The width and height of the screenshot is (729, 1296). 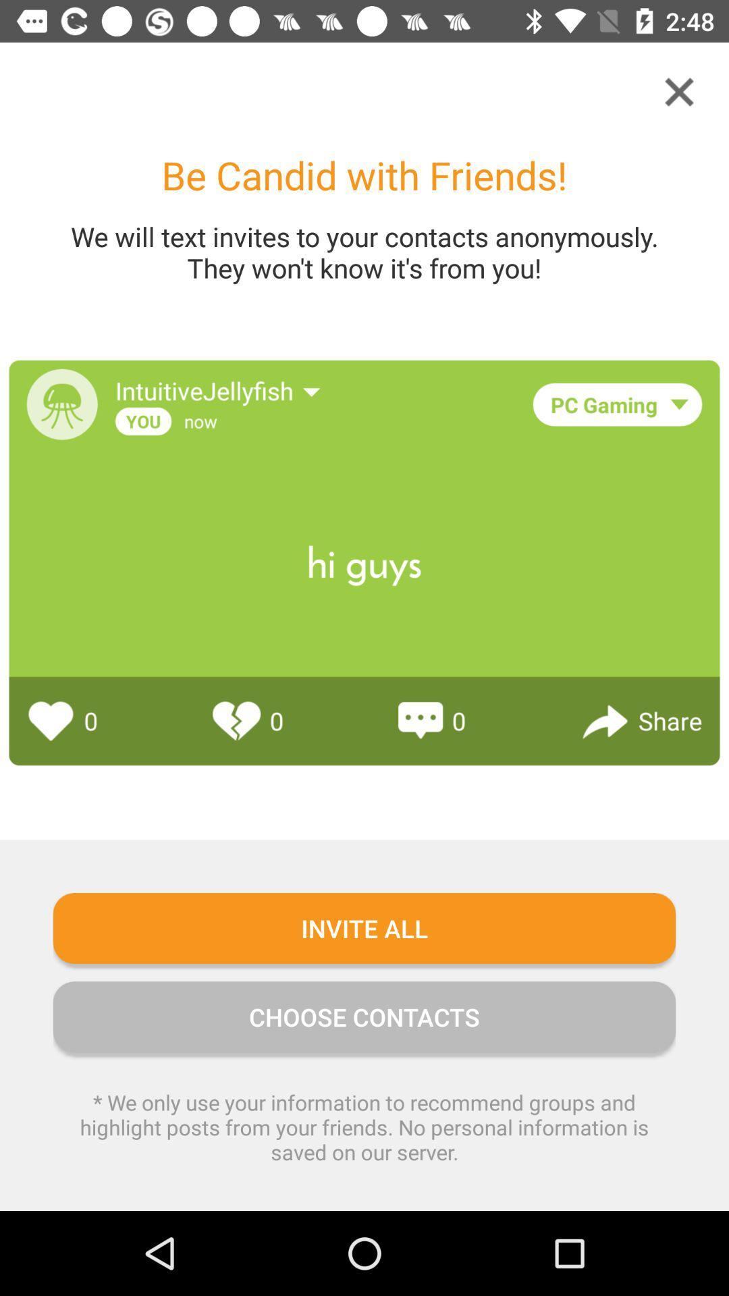 What do you see at coordinates (679, 91) in the screenshot?
I see `the close icon` at bounding box center [679, 91].